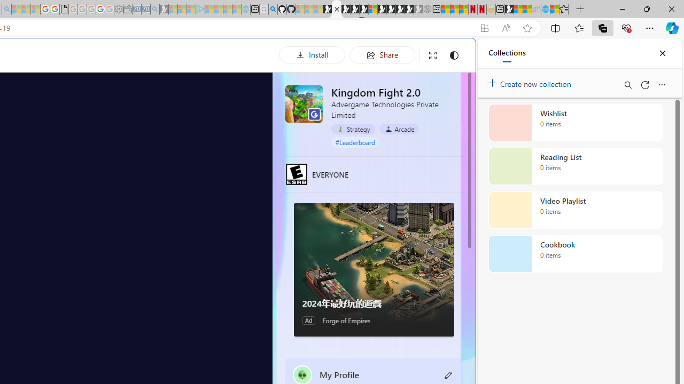 This screenshot has width=684, height=384. Describe the element at coordinates (575, 253) in the screenshot. I see `'Cookbook collection, 0 items'` at that location.